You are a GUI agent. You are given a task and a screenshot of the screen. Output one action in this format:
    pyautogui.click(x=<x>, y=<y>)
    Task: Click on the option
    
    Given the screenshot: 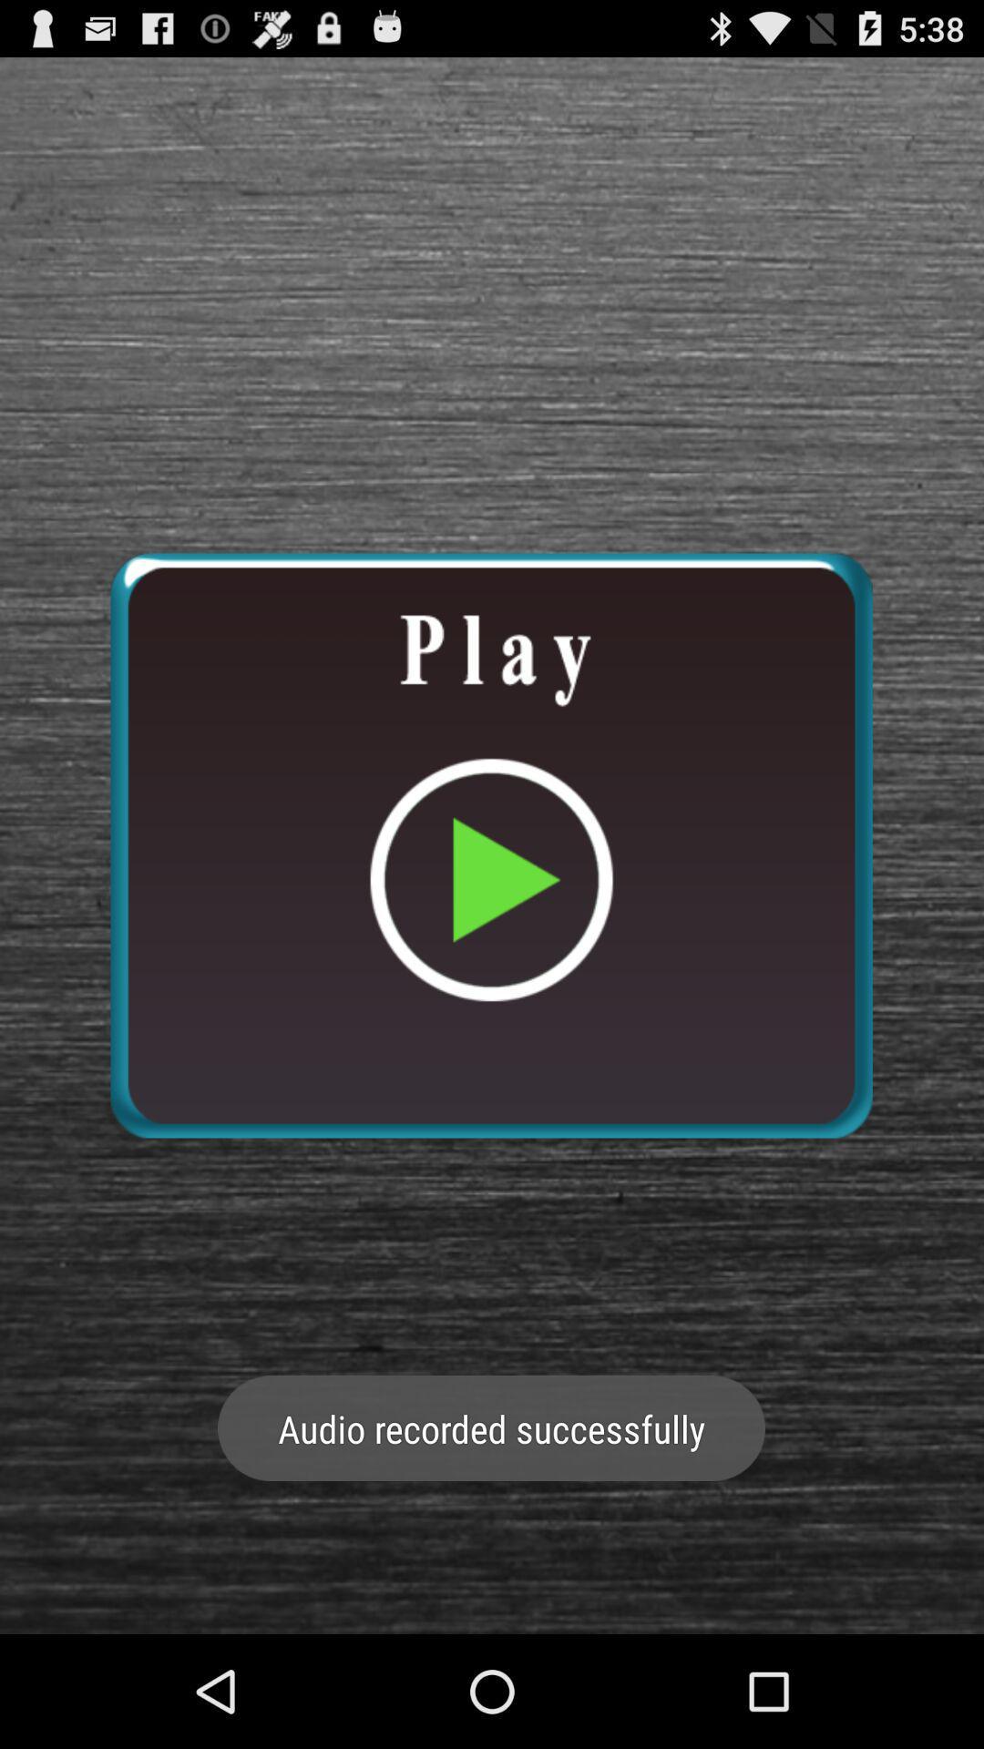 What is the action you would take?
    pyautogui.click(x=490, y=844)
    